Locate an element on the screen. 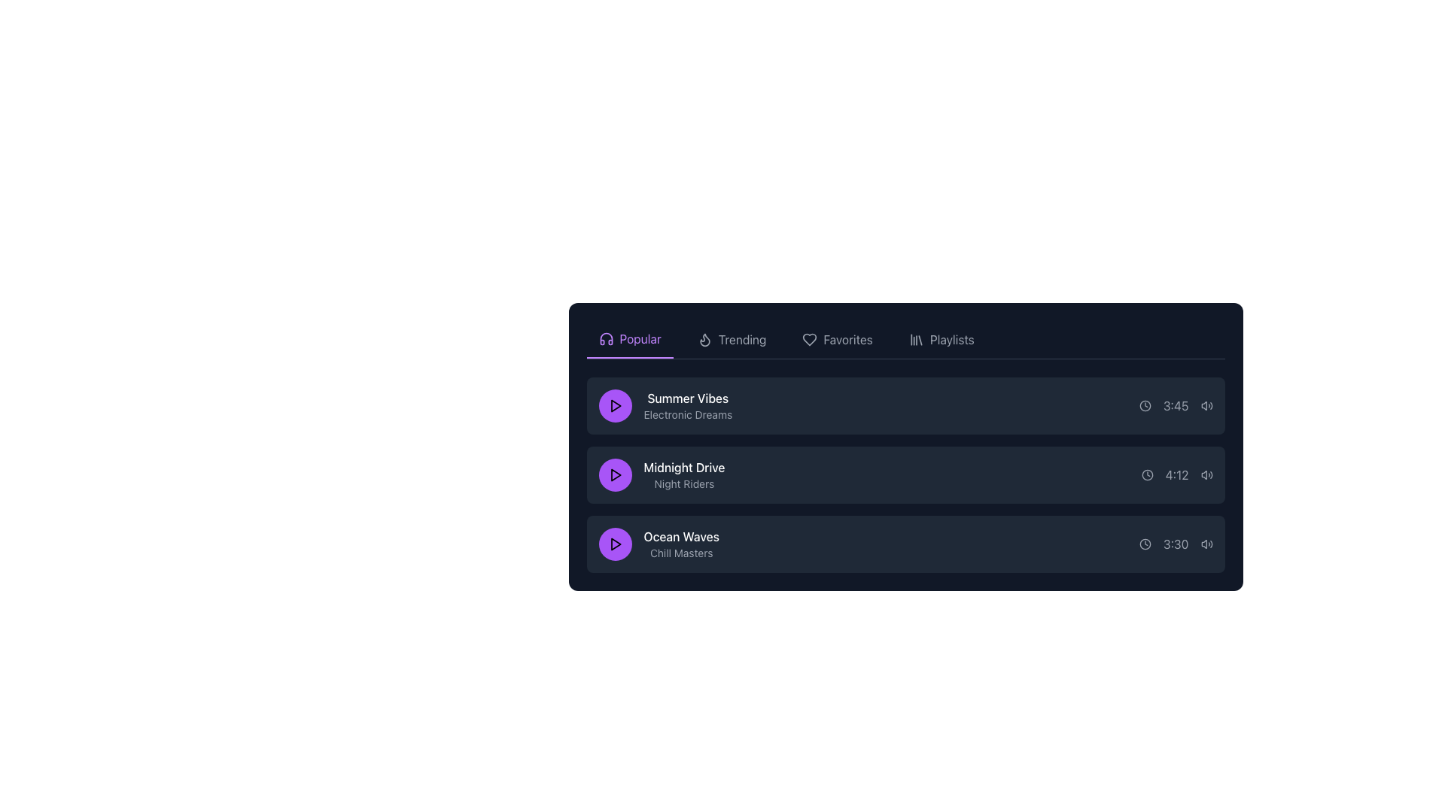  the headphone icon in the leftmost navigation section associated with the 'Popular' tab as a decorative component is located at coordinates (606, 339).